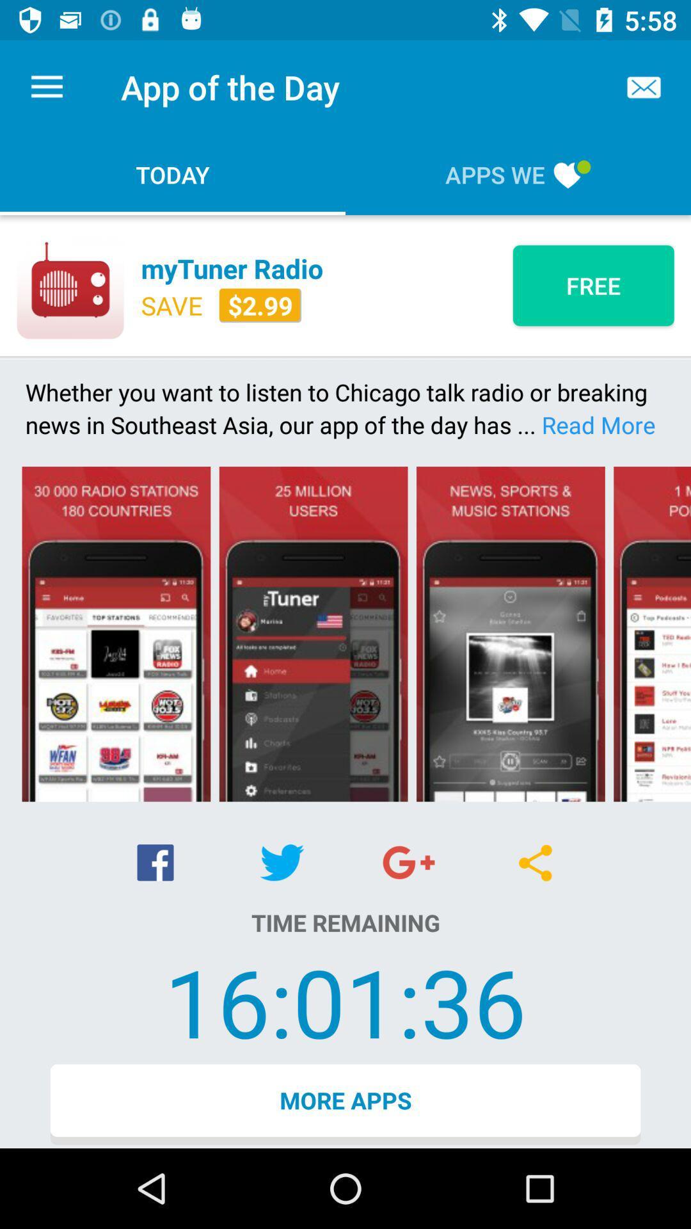 This screenshot has height=1229, width=691. What do you see at coordinates (644, 86) in the screenshot?
I see `the icon to the right of the app of the` at bounding box center [644, 86].